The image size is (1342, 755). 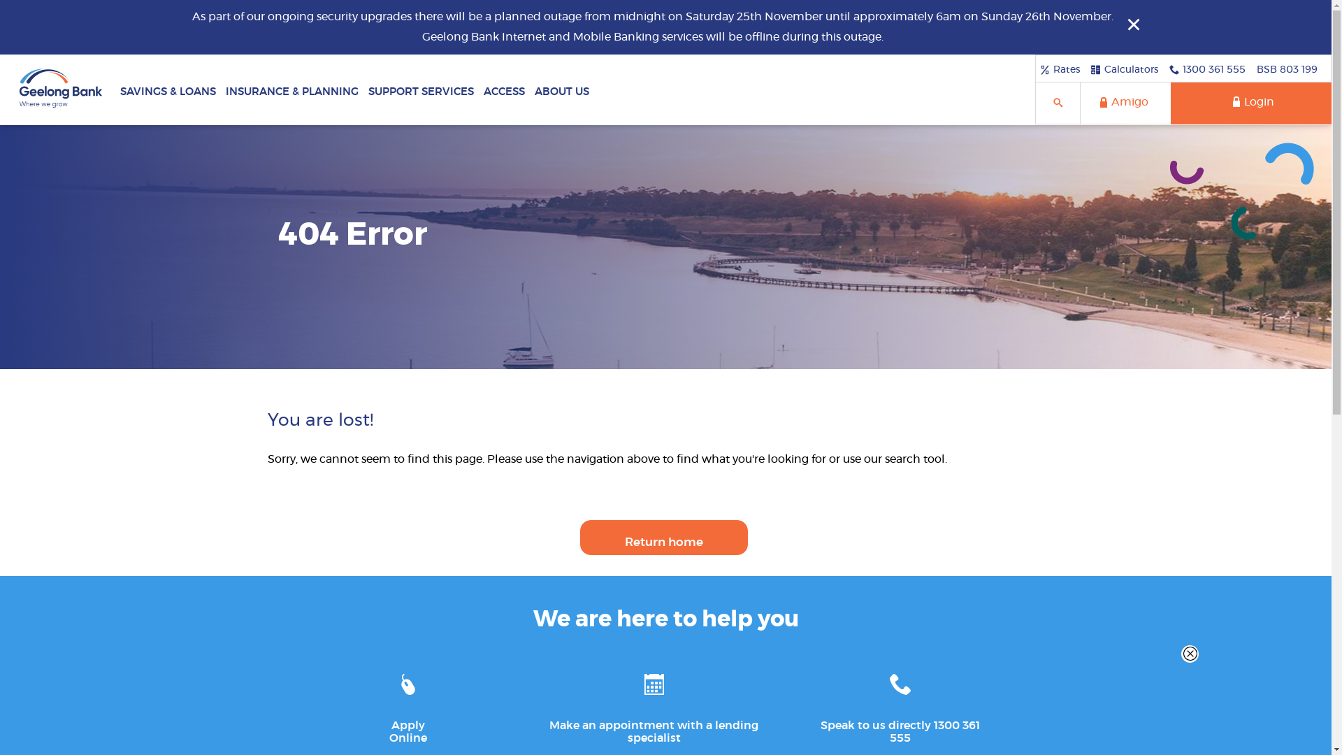 What do you see at coordinates (503, 89) in the screenshot?
I see `'ACCESS'` at bounding box center [503, 89].